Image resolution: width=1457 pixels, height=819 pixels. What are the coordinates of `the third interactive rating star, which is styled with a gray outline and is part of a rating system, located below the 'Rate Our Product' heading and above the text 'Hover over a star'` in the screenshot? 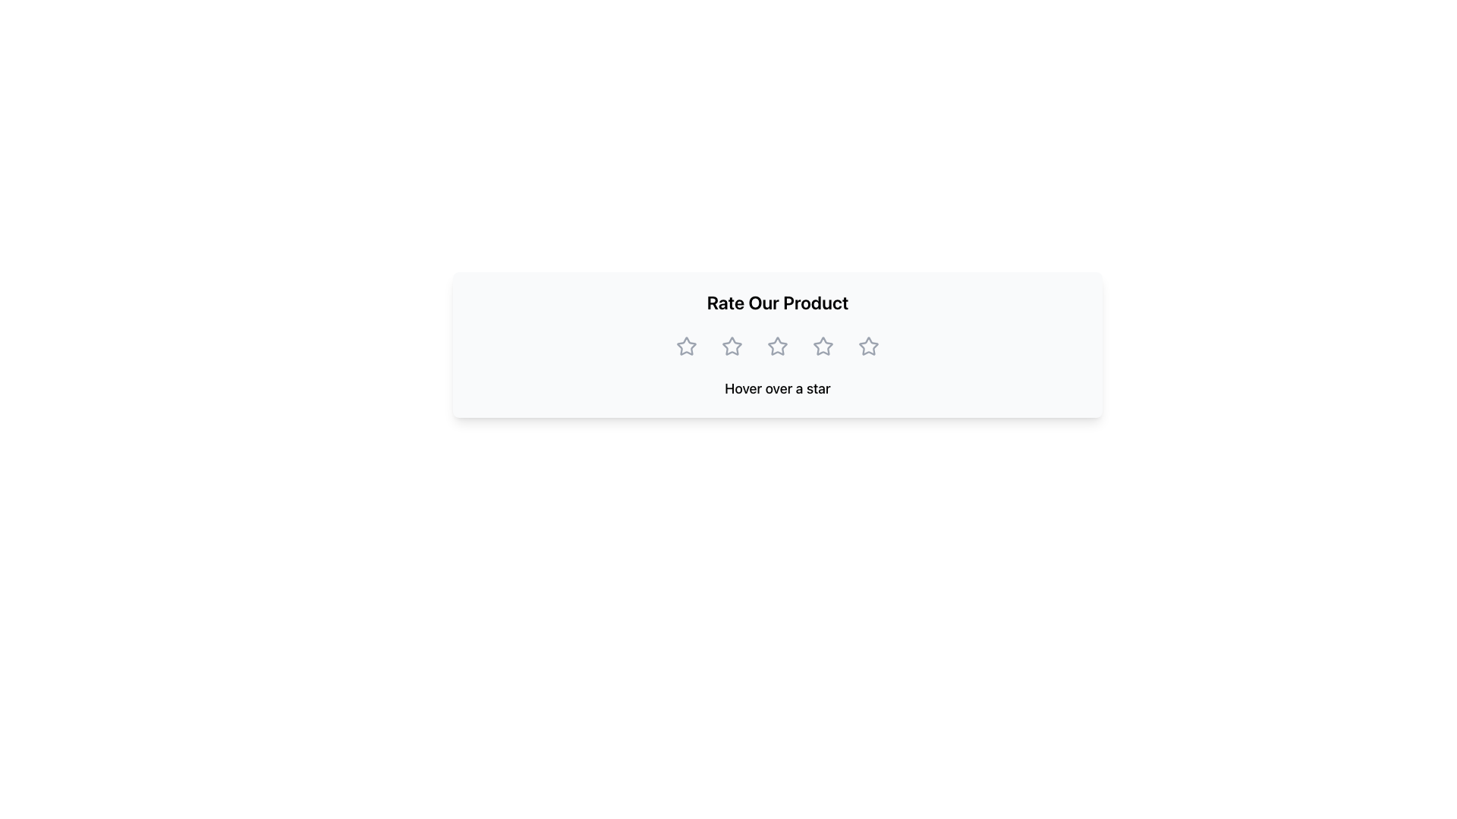 It's located at (778, 346).